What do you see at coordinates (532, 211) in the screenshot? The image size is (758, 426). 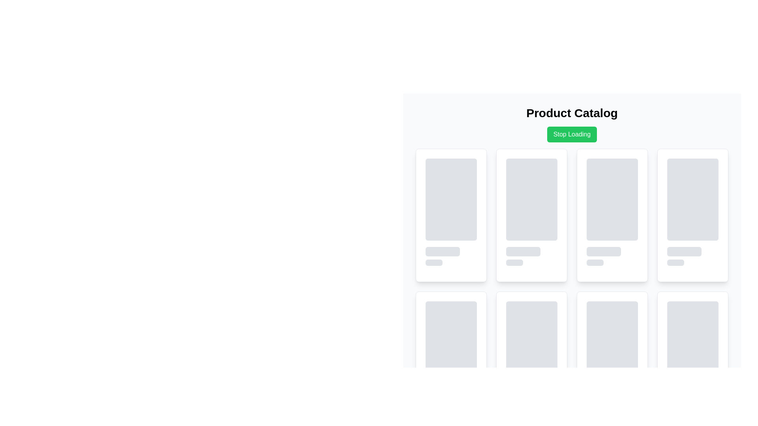 I see `the Loading placeholder for a card, which indicates an ongoing loading process for the card's data, located in the second column of a three-column grid` at bounding box center [532, 211].